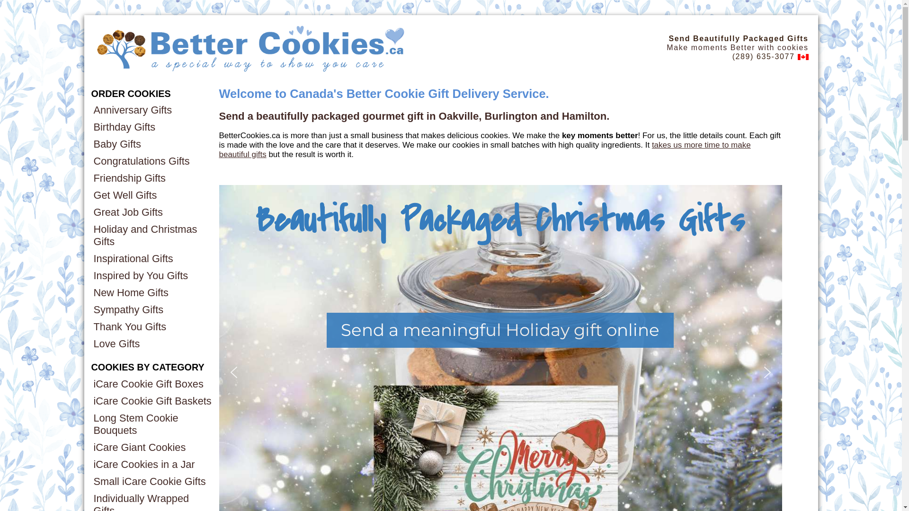  What do you see at coordinates (152, 259) in the screenshot?
I see `'Inspirational Gifts'` at bounding box center [152, 259].